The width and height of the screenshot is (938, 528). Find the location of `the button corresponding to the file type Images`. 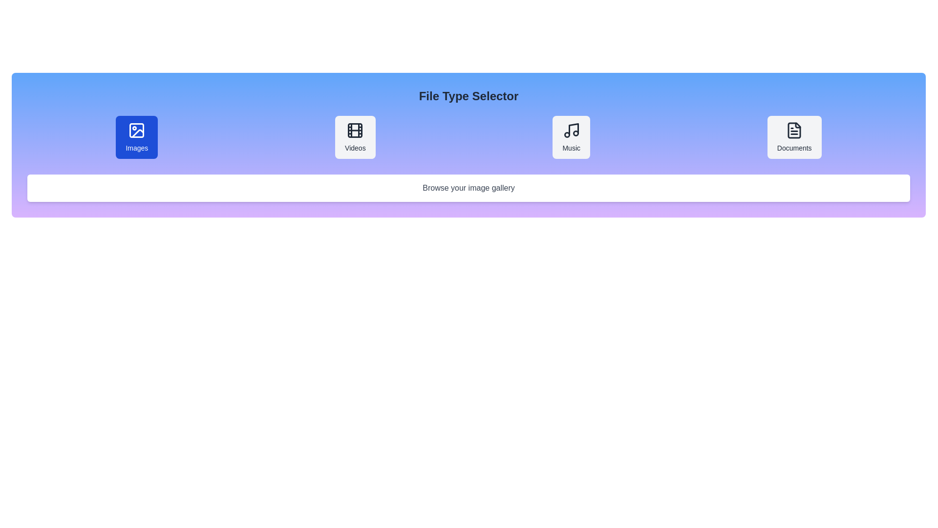

the button corresponding to the file type Images is located at coordinates (136, 137).